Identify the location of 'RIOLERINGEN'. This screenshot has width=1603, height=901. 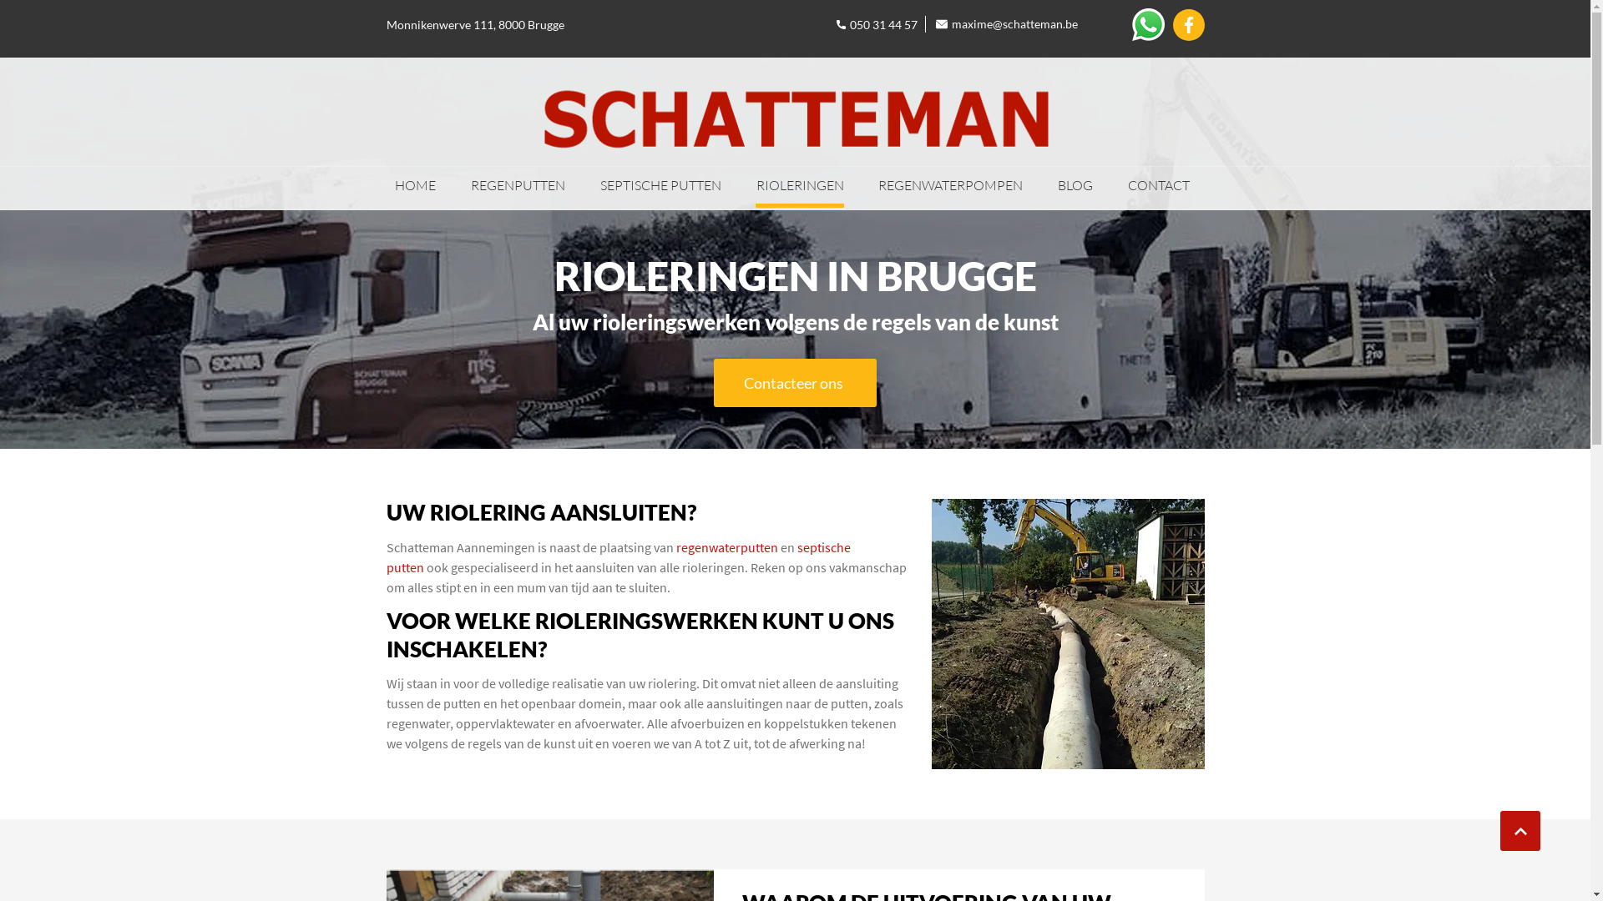
(755, 187).